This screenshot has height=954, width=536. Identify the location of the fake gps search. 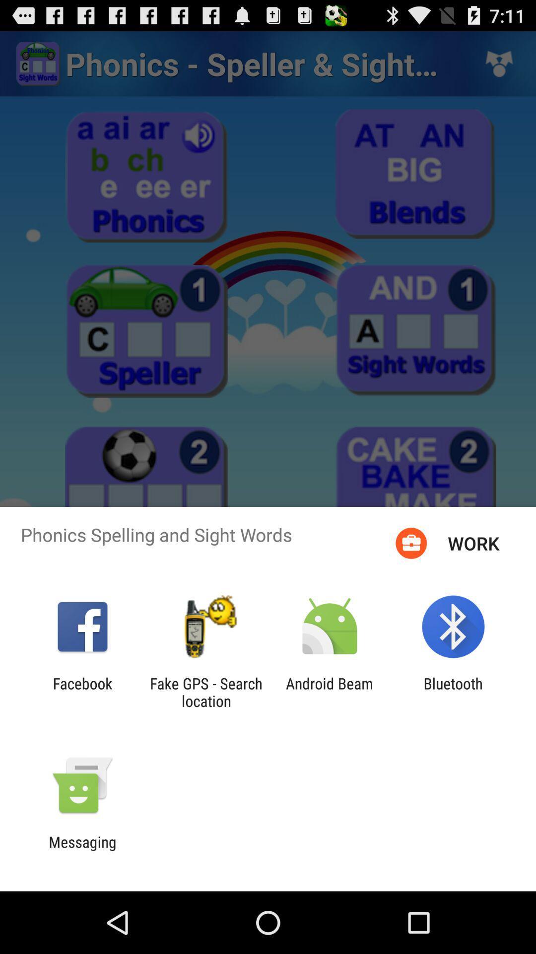
(205, 692).